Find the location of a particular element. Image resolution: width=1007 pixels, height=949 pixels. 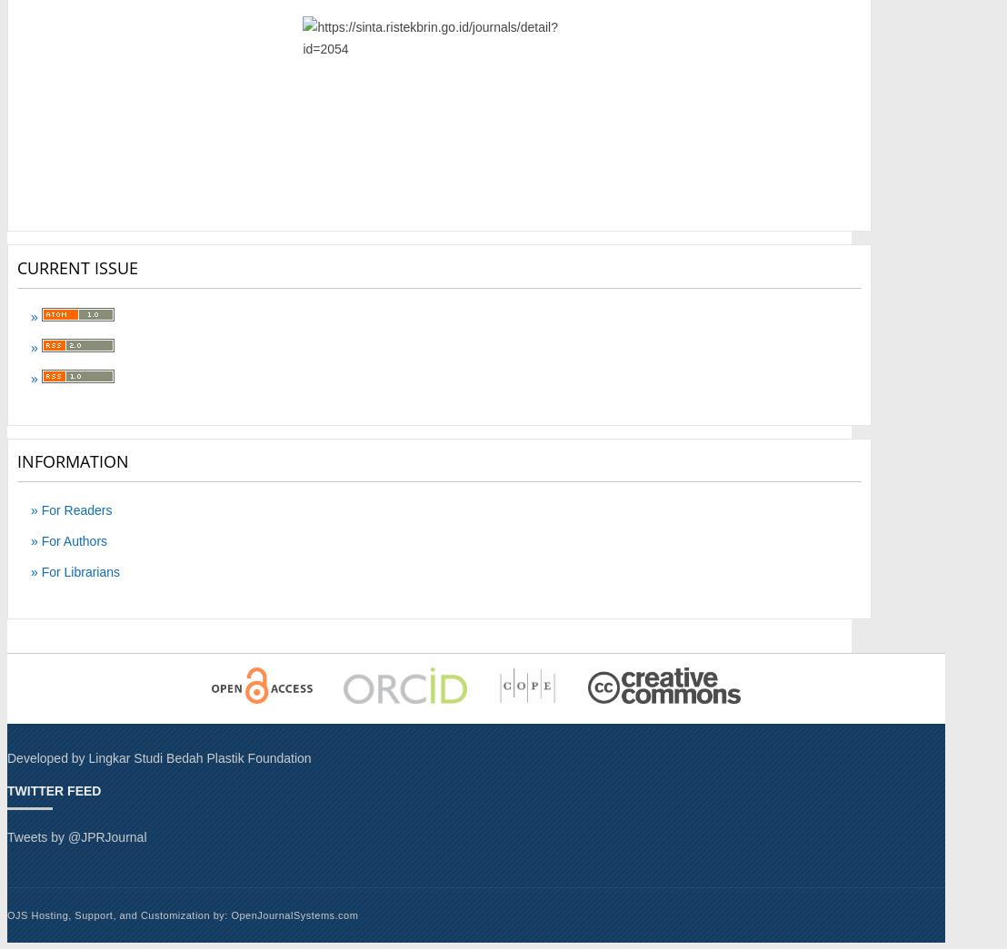

'Tweets by @JPRJournal' is located at coordinates (75, 835).